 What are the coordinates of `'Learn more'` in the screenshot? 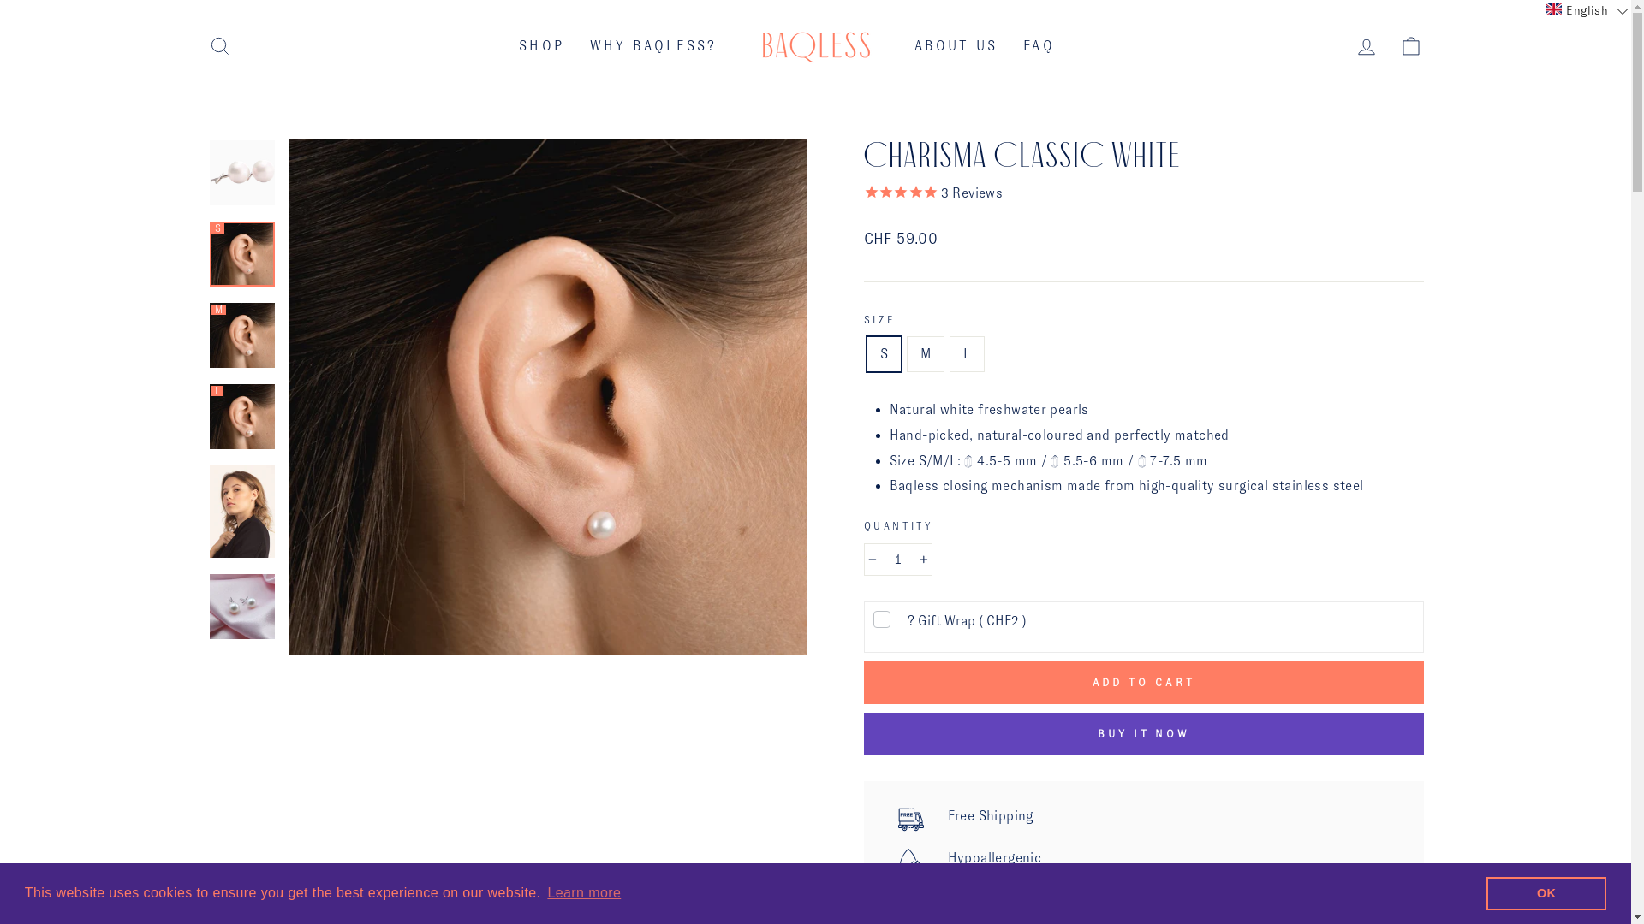 It's located at (583, 892).